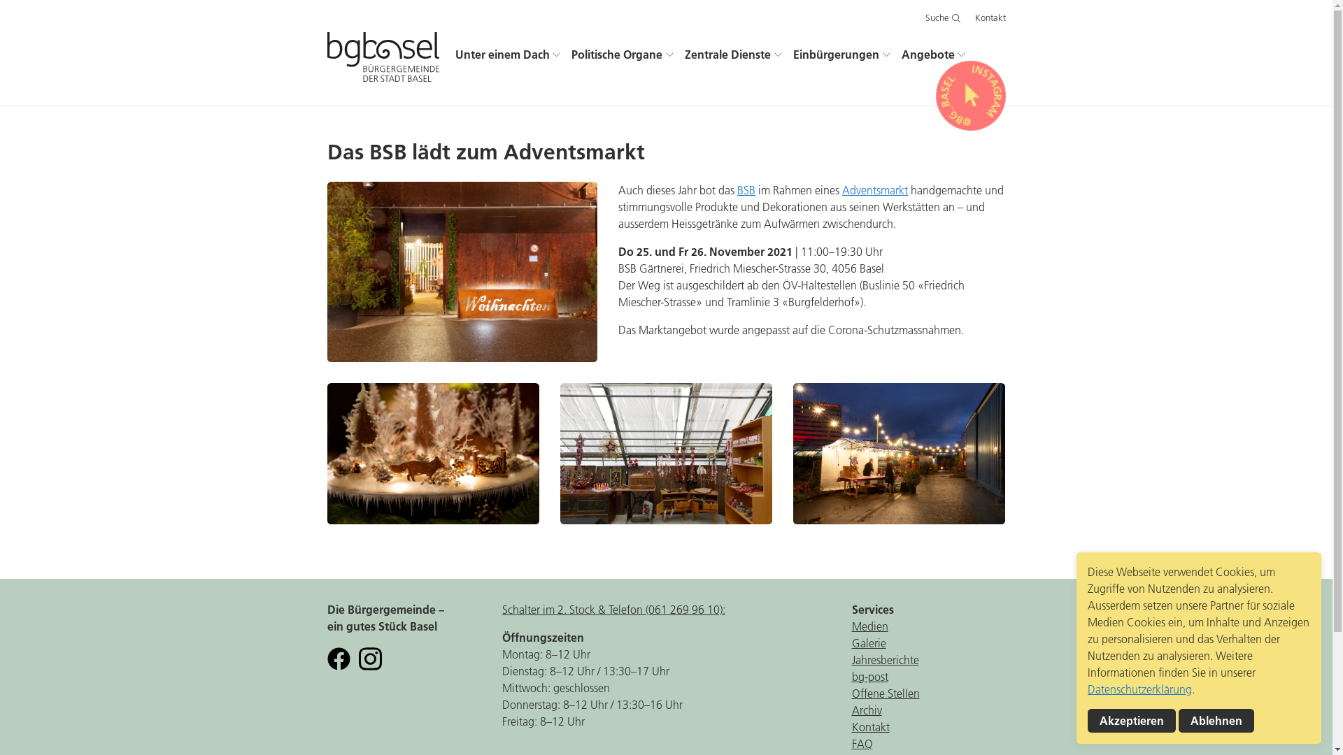 This screenshot has height=755, width=1343. Describe the element at coordinates (462, 272) in the screenshot. I see `'adventsmarkt-bsb-5.jpg'` at that location.